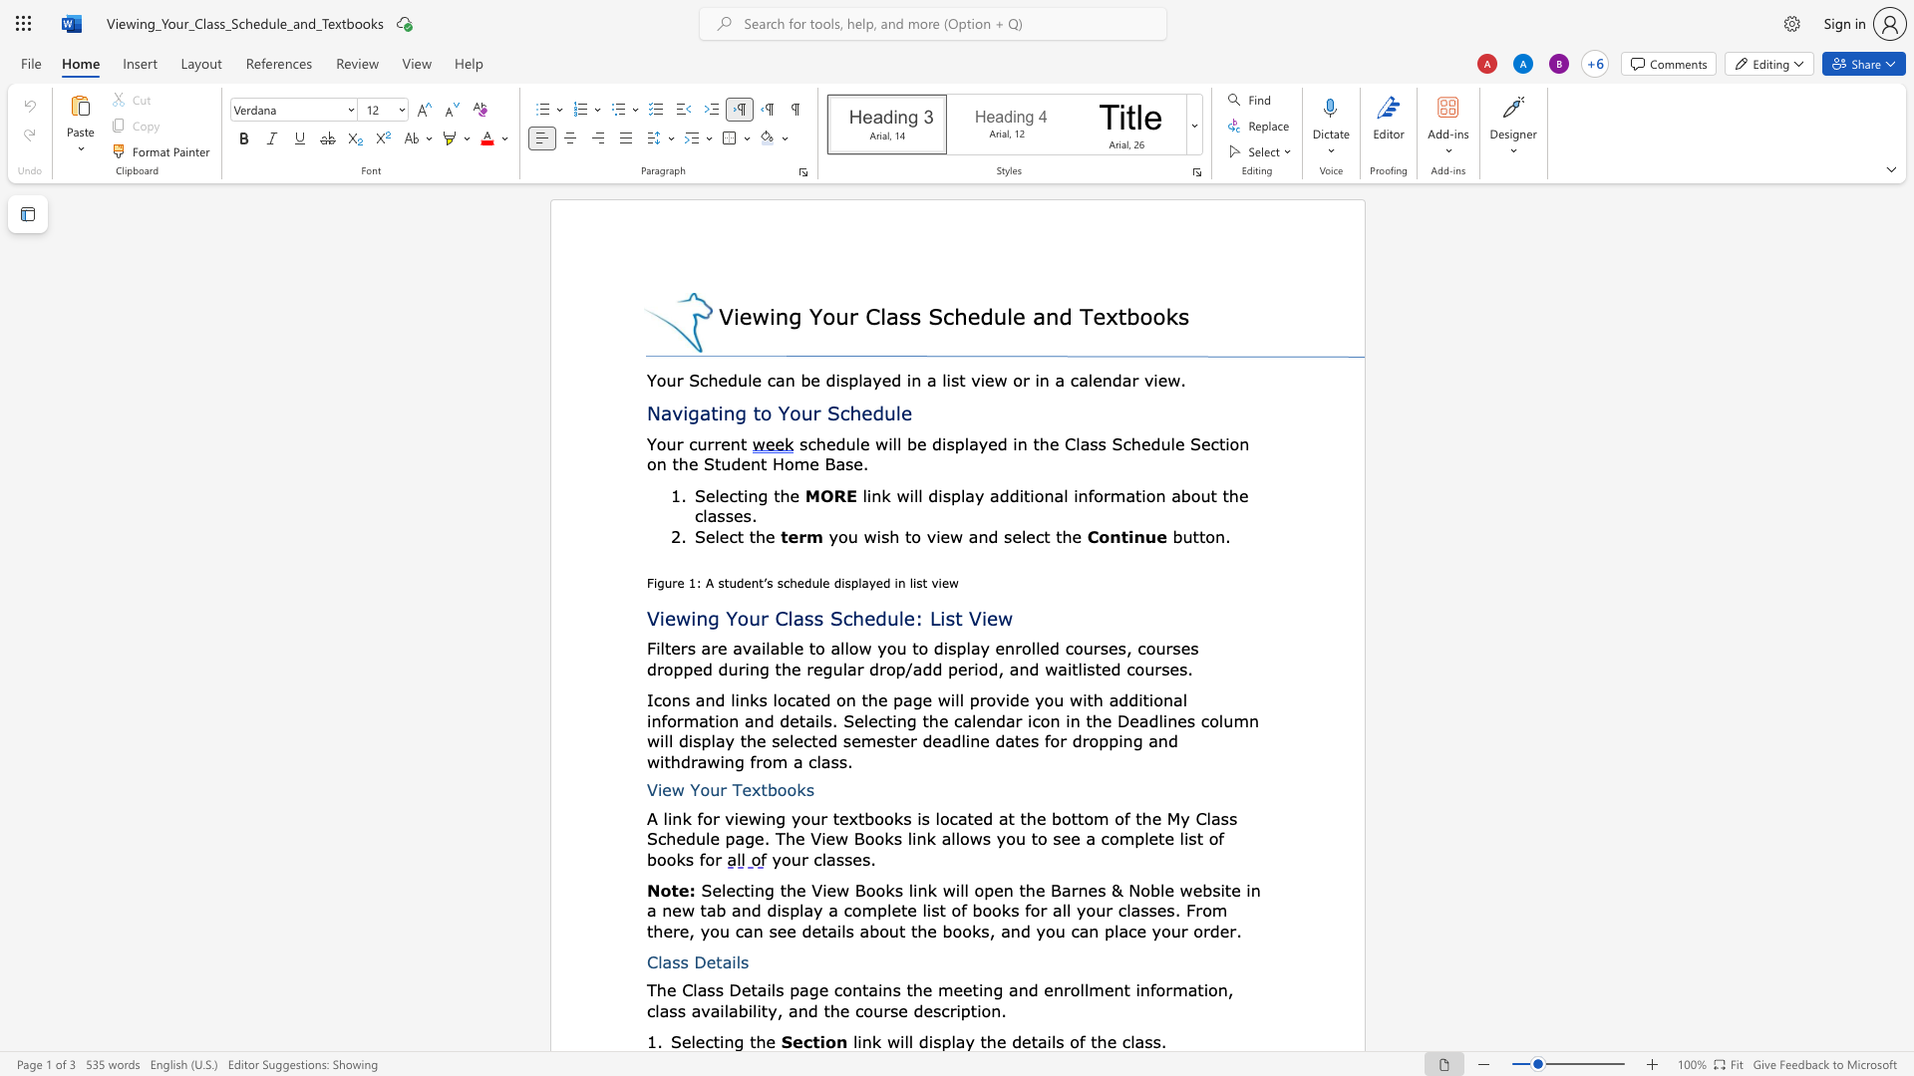 Image resolution: width=1914 pixels, height=1076 pixels. Describe the element at coordinates (690, 1040) in the screenshot. I see `the space between the continuous character "e" and "l" in the text` at that location.